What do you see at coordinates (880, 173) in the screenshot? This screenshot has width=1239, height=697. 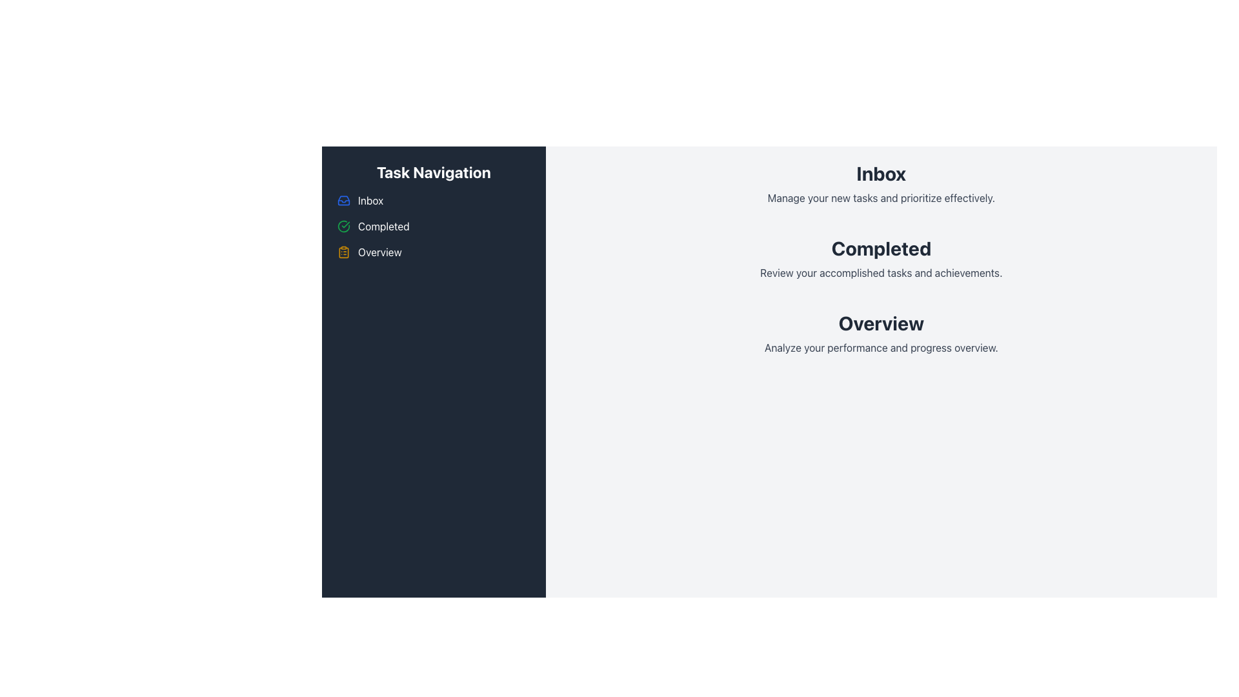 I see `the 'Inbox' text label, which serves as the title for the section` at bounding box center [880, 173].